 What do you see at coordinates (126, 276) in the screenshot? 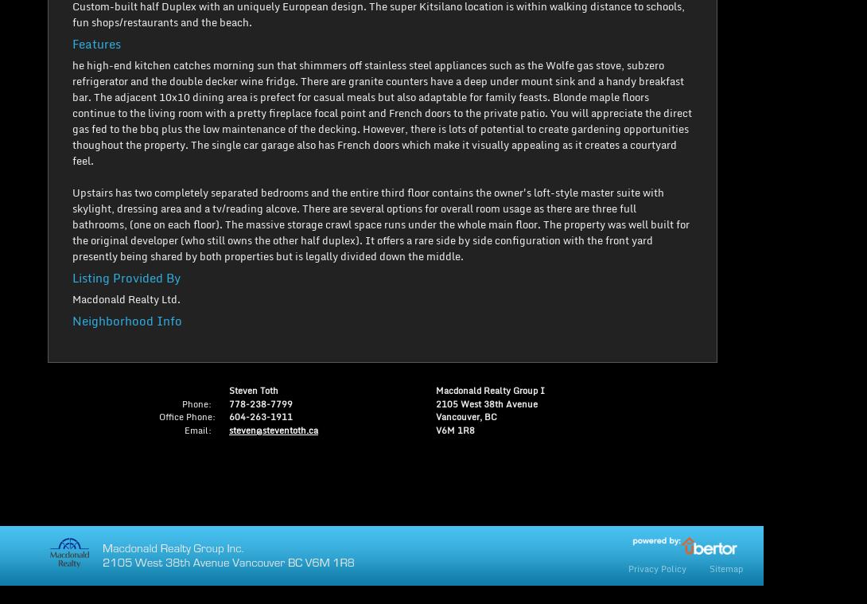
I see `'Listing Provided By'` at bounding box center [126, 276].